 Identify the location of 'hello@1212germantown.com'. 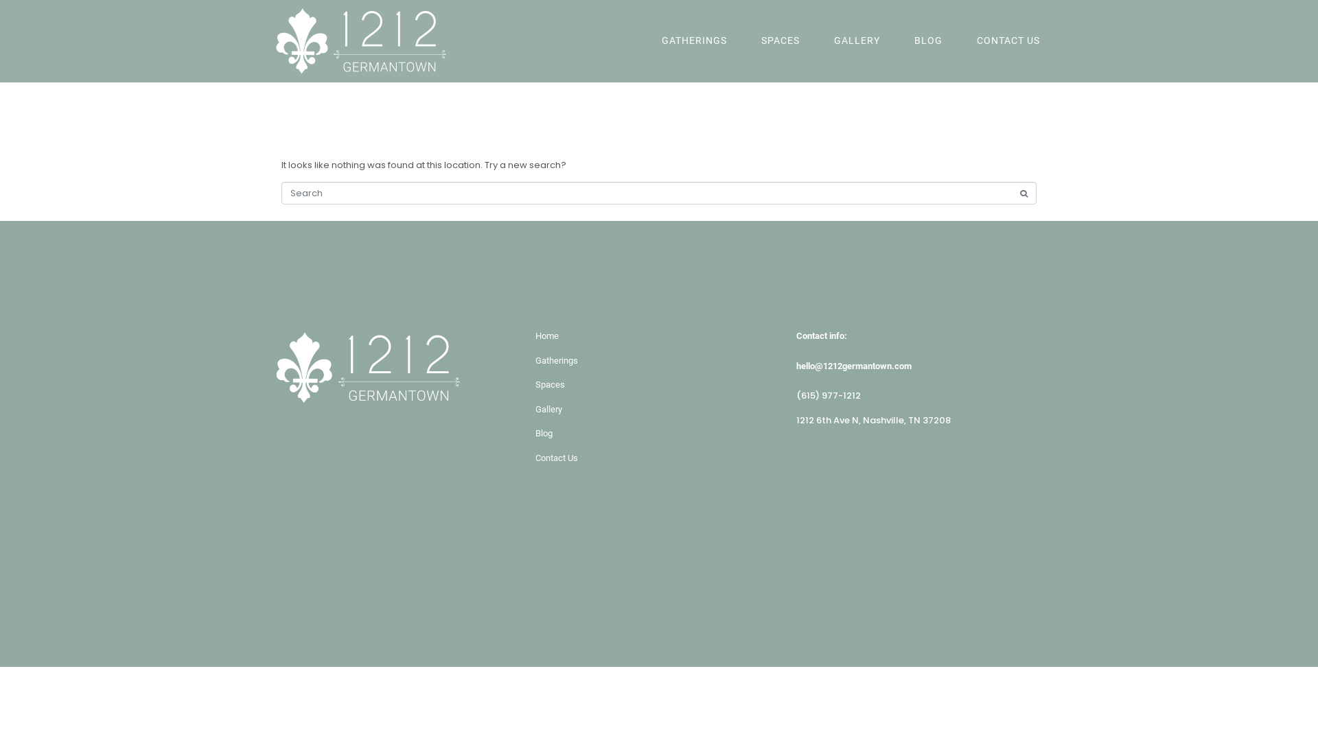
(796, 365).